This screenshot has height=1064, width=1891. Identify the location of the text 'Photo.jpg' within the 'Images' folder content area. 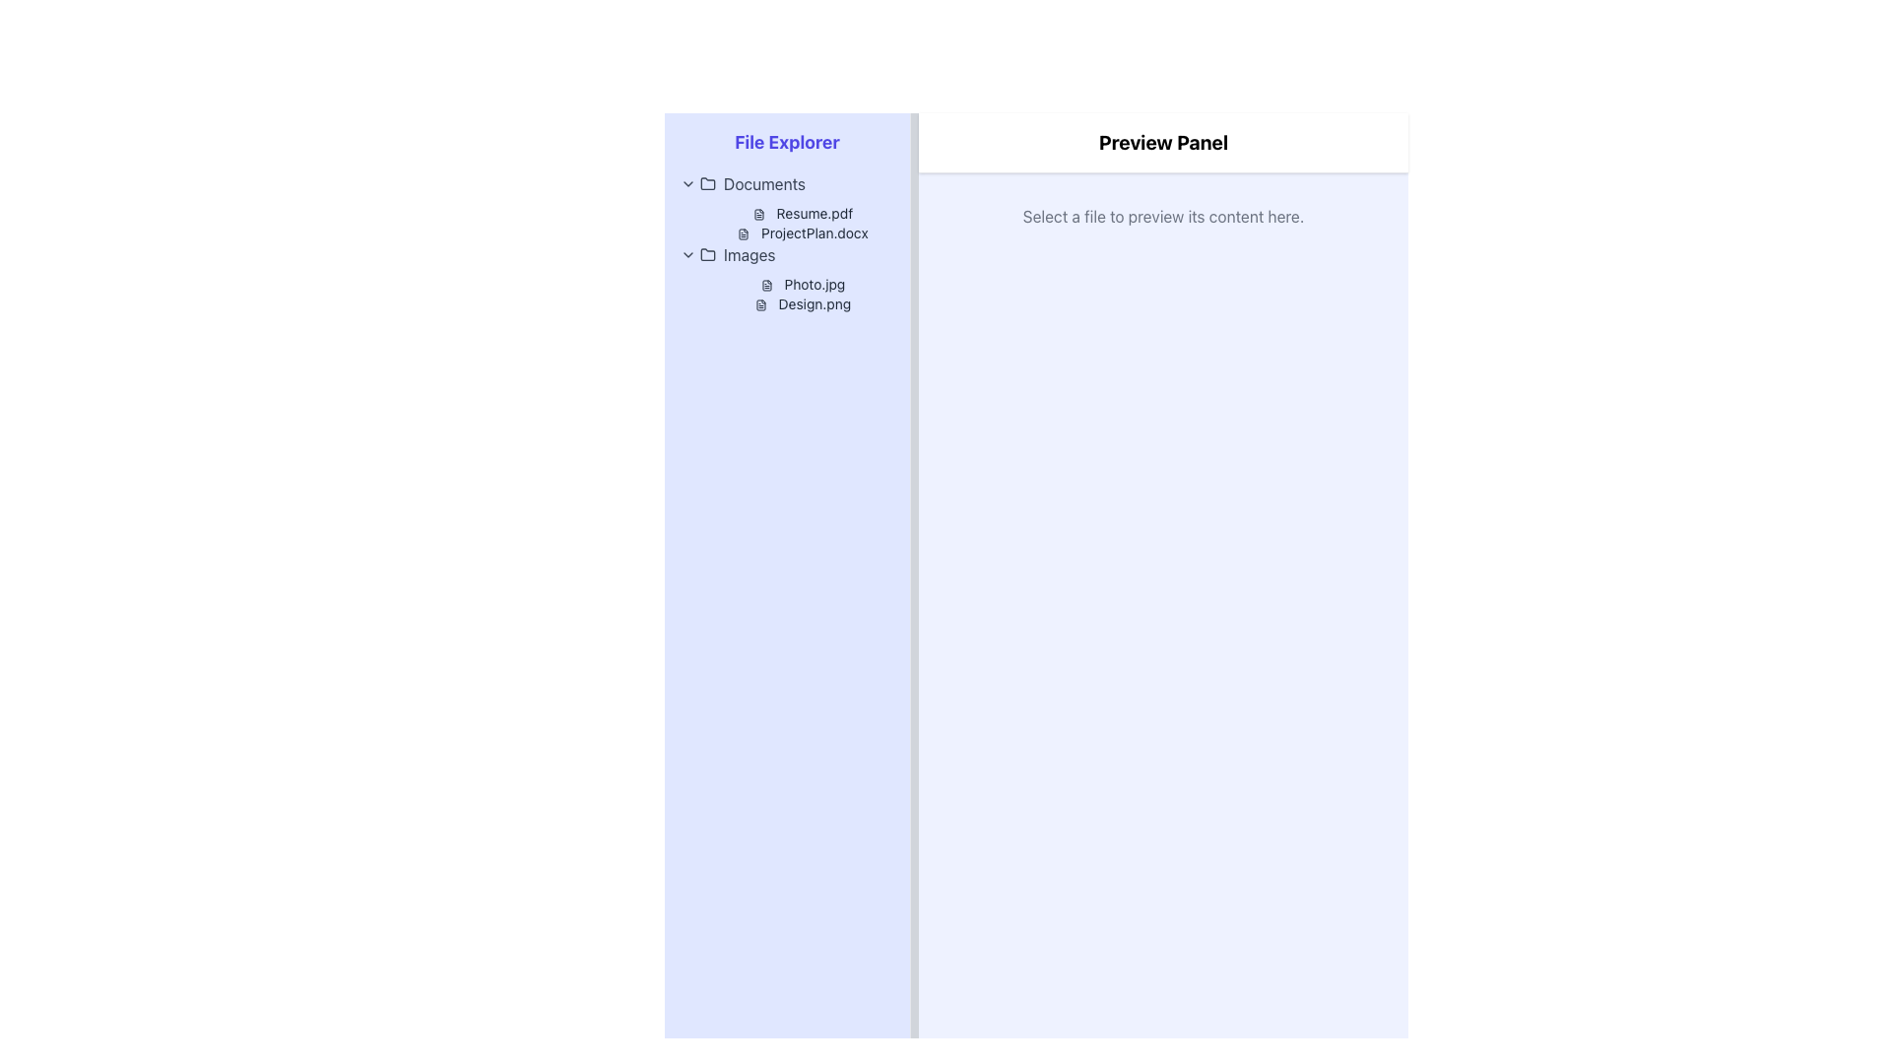
(786, 278).